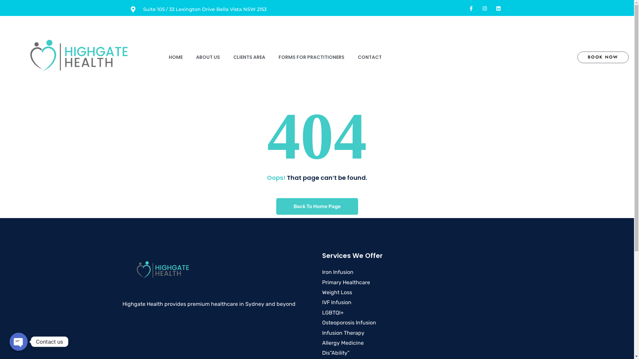 The image size is (639, 359). I want to click on 'FORMS FOR PRACTITIONERS', so click(311, 57).